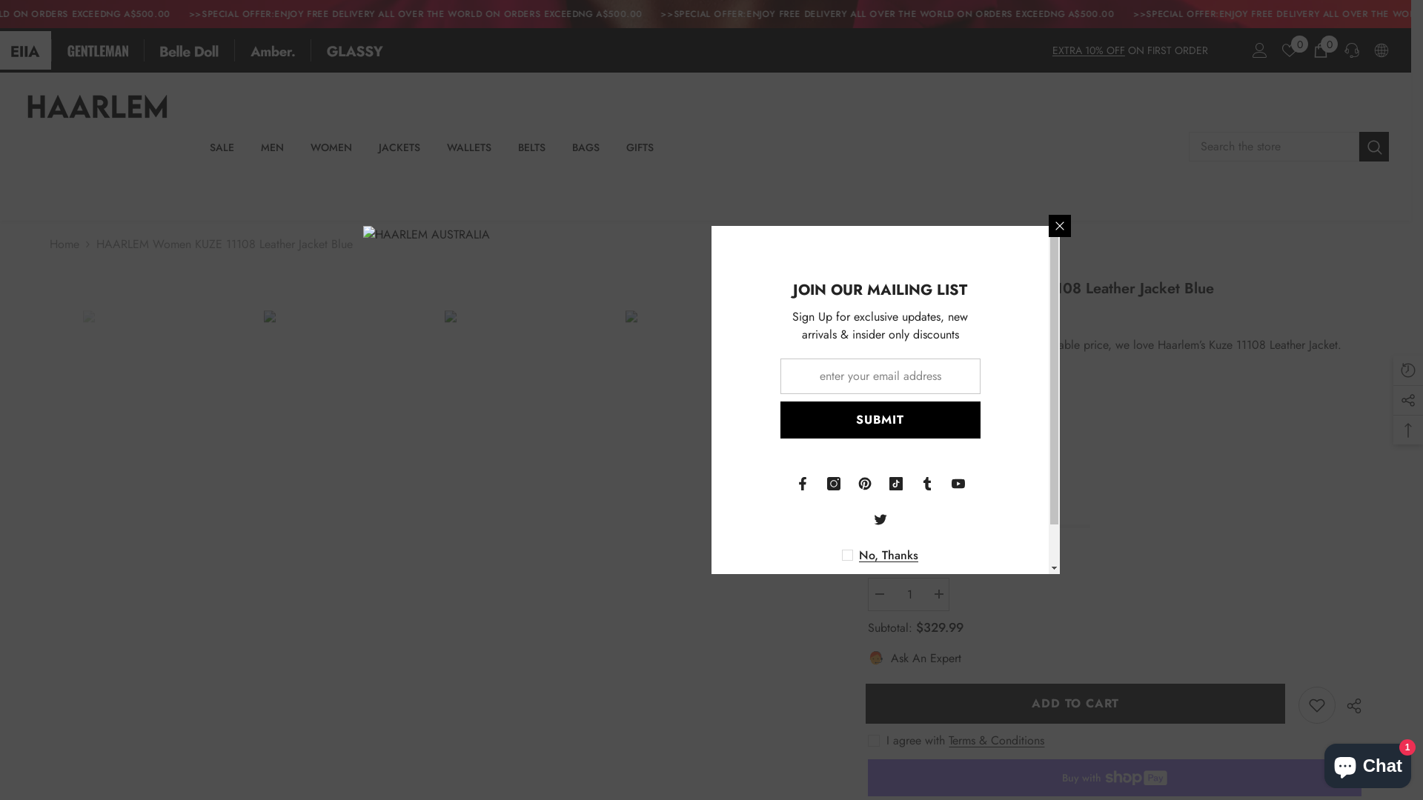  Describe the element at coordinates (272, 153) in the screenshot. I see `'MEN'` at that location.